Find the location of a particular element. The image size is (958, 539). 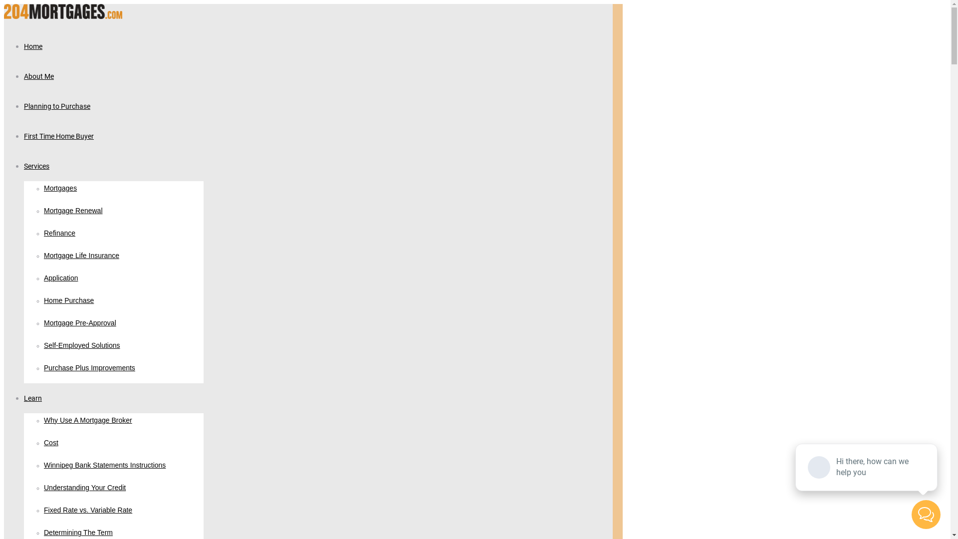

'204 Mortgages' is located at coordinates (62, 16).